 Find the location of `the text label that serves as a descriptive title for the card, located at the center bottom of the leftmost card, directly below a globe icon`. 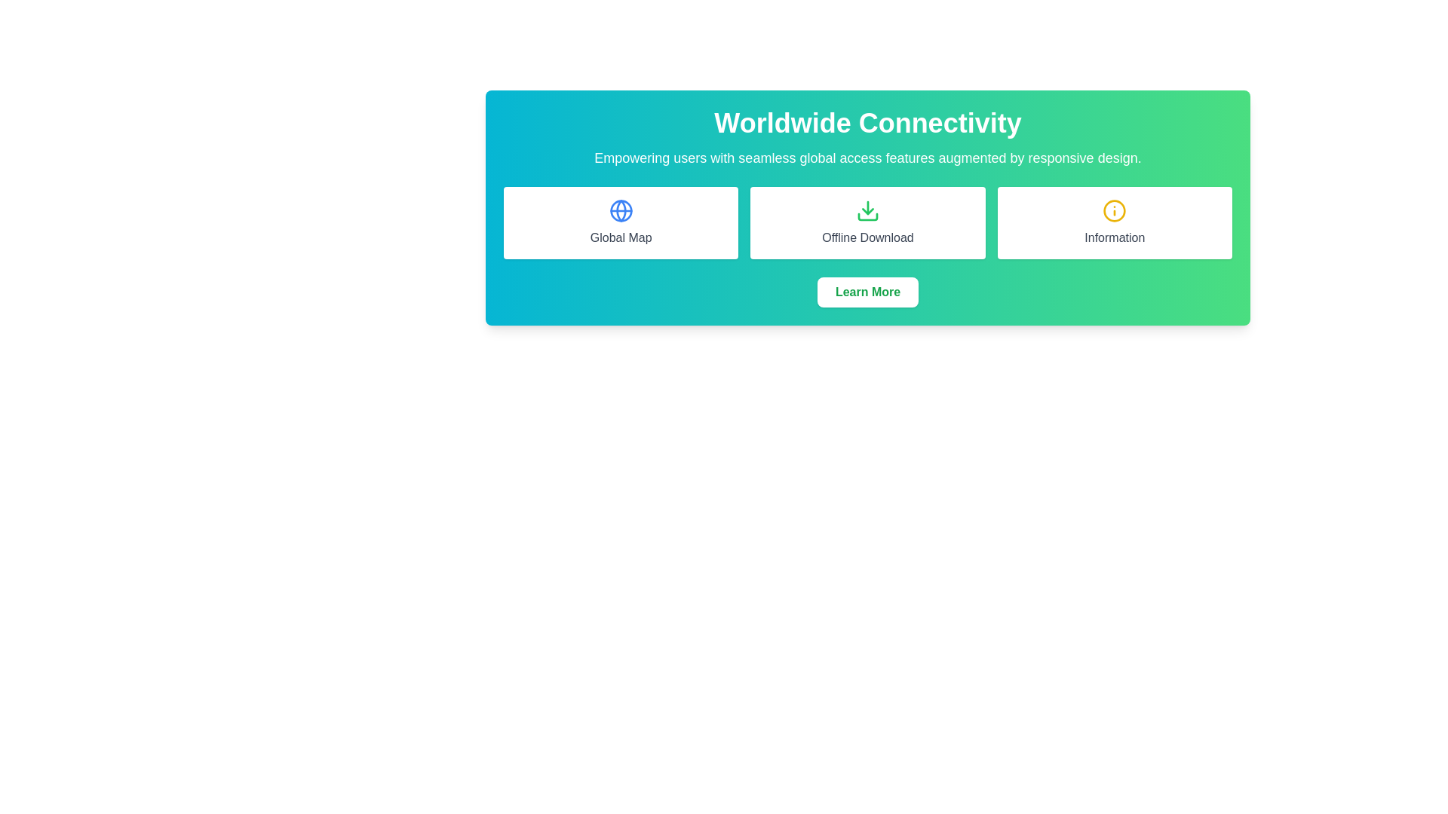

the text label that serves as a descriptive title for the card, located at the center bottom of the leftmost card, directly below a globe icon is located at coordinates (621, 237).